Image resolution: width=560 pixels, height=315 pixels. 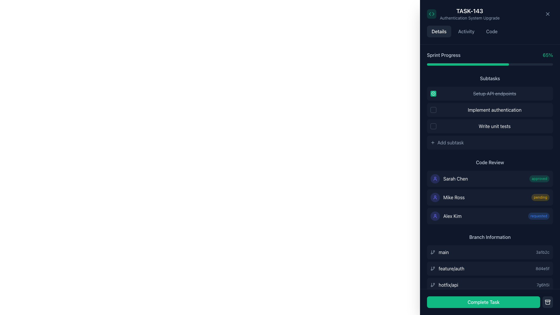 What do you see at coordinates (447, 197) in the screenshot?
I see `the list item containing the icon and text 'Mike Ross' in the 'Code Review' section of the sidebar` at bounding box center [447, 197].